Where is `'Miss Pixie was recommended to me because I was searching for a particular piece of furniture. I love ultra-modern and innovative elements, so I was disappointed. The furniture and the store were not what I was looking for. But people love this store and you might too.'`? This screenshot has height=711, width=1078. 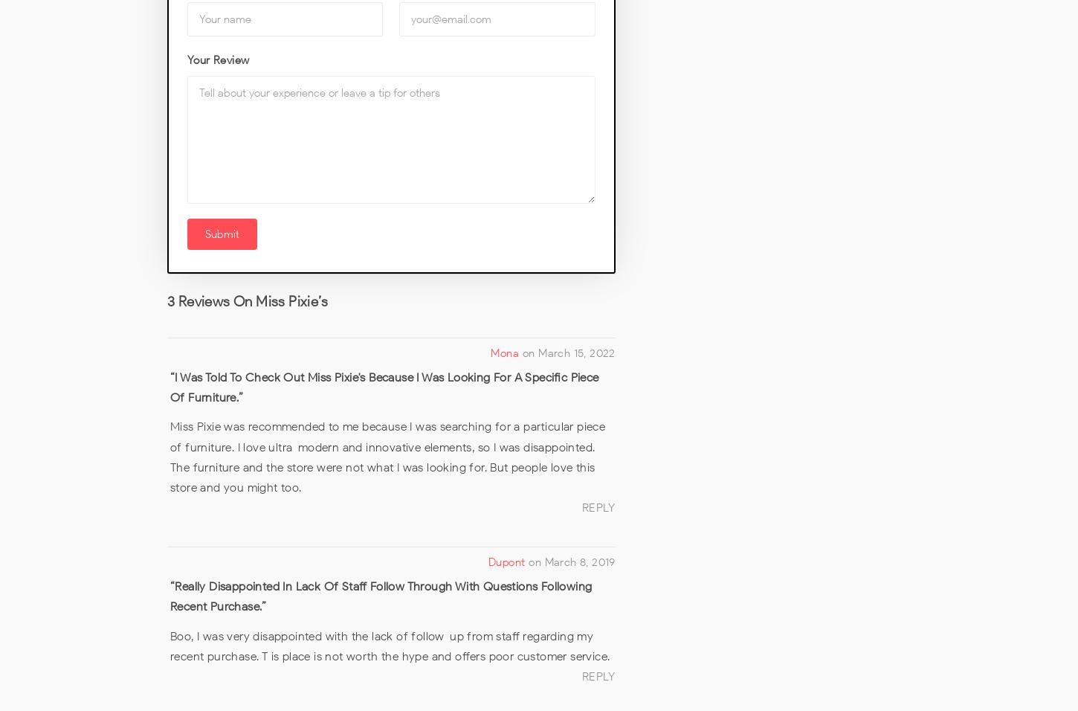
'Miss Pixie was recommended to me because I was searching for a particular piece of furniture. I love ultra-modern and innovative elements, so I was disappointed. The furniture and the store were not what I was looking for. But people love this store and you might too.' is located at coordinates (387, 457).